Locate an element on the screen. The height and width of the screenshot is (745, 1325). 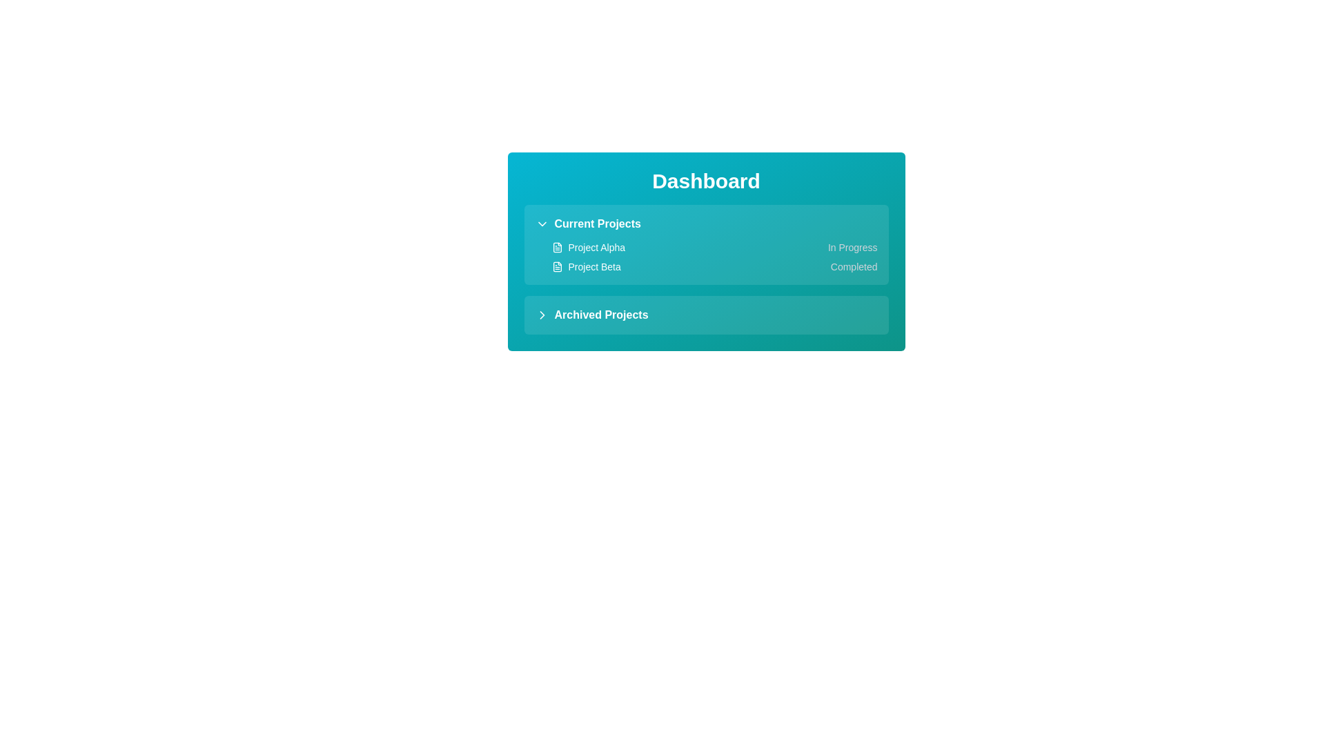
the chevron icon used to toggle the 'Current Projects' section is located at coordinates (541, 223).